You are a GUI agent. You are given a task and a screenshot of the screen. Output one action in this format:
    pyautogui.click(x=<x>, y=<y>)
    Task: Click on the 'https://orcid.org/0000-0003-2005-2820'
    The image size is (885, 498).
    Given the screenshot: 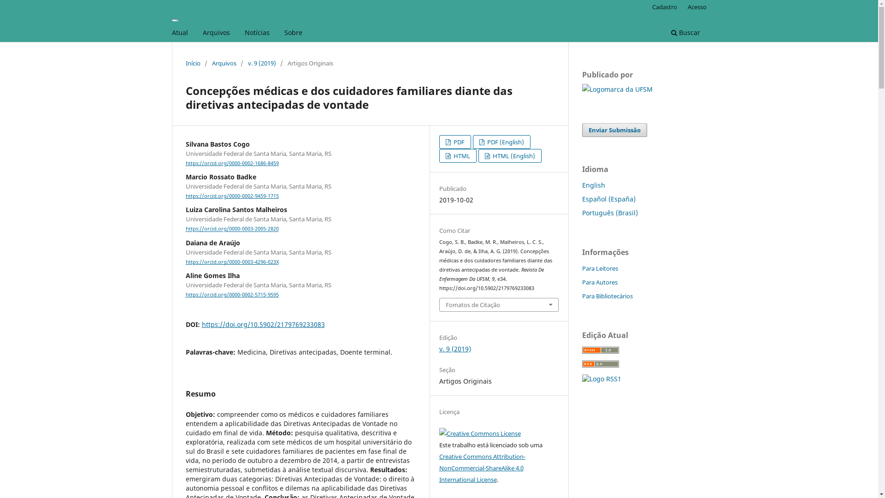 What is the action you would take?
    pyautogui.click(x=232, y=229)
    